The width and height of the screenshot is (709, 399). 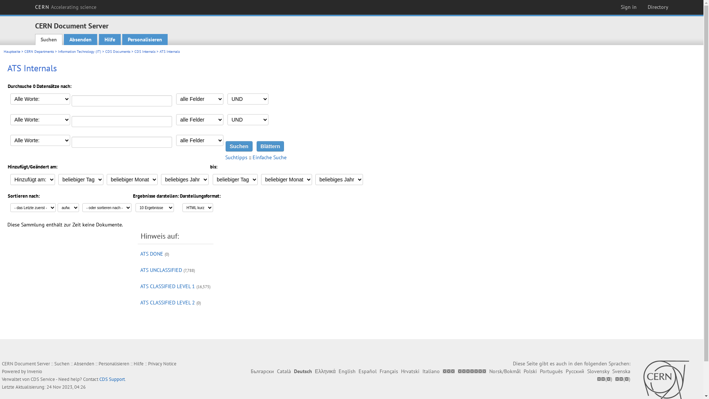 I want to click on 'Italiano', so click(x=422, y=371).